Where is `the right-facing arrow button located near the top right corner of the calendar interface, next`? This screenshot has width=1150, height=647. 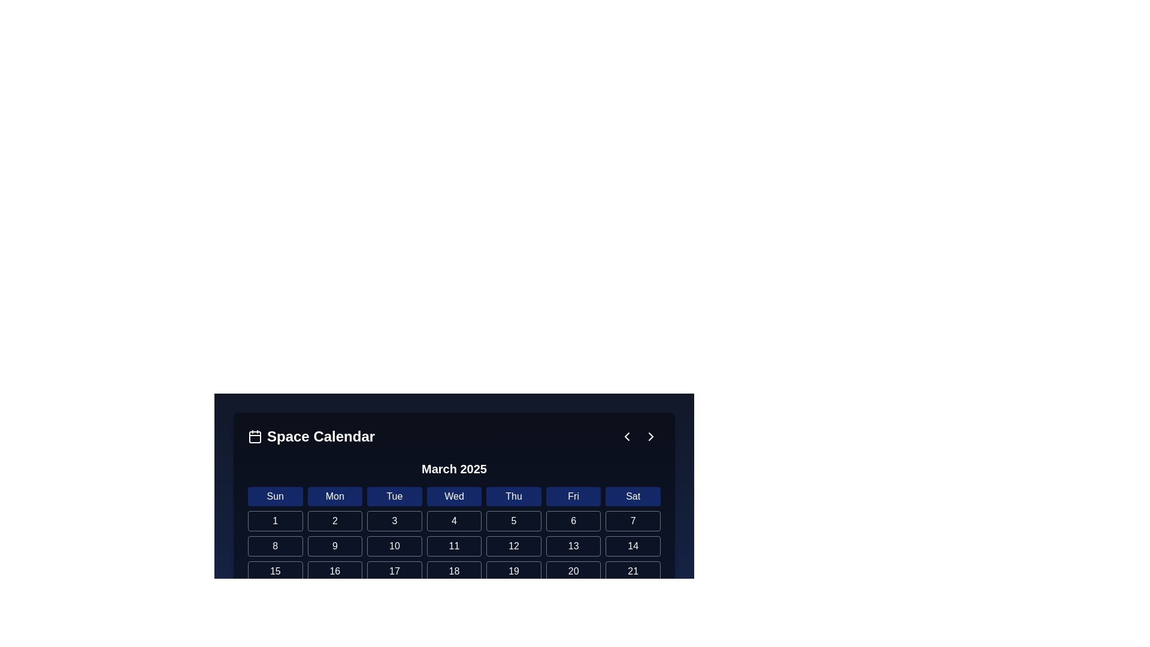
the right-facing arrow button located near the top right corner of the calendar interface, next is located at coordinates (650, 437).